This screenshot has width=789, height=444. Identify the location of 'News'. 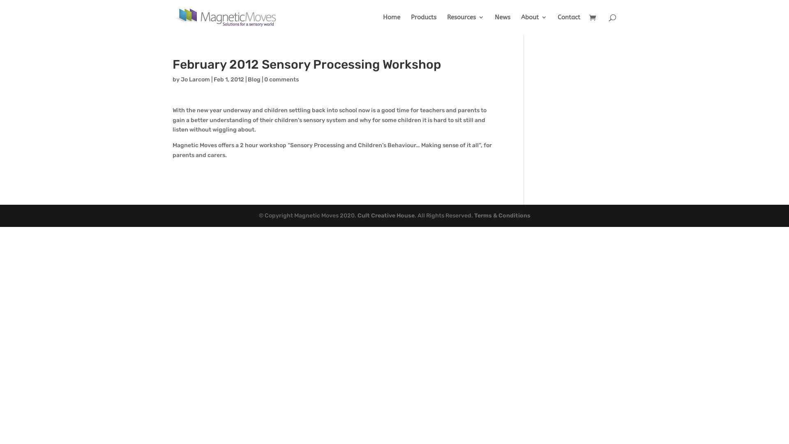
(494, 24).